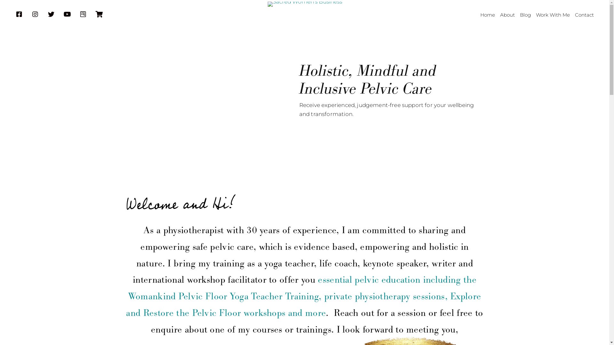  What do you see at coordinates (552, 15) in the screenshot?
I see `'Work With Me'` at bounding box center [552, 15].